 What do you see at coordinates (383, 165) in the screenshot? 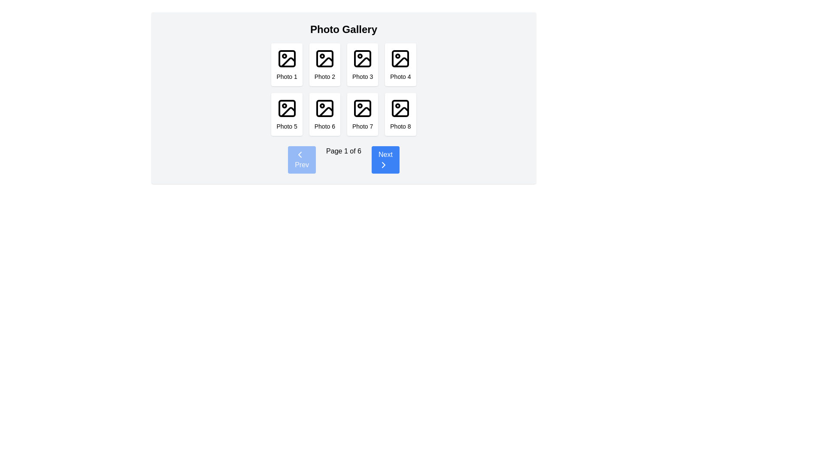
I see `the right-facing chevron icon inside the 'Next' button at the bottom right of the pagination bar, indicating navigation to the next page` at bounding box center [383, 165].